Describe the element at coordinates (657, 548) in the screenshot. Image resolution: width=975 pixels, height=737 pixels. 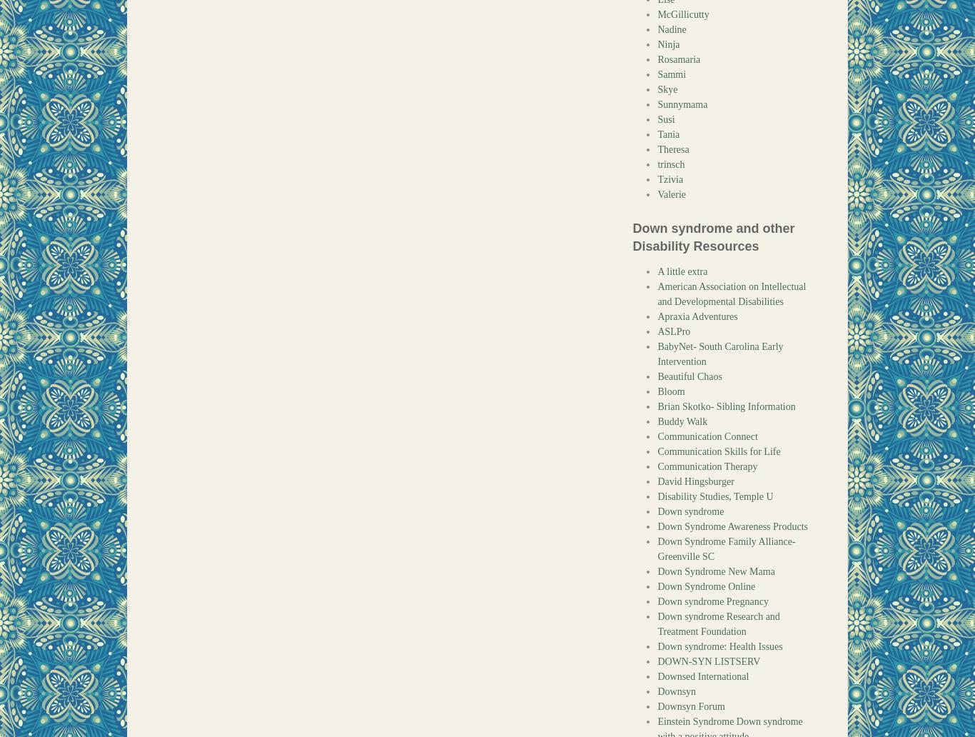
I see `'Down Syndrome Family Alliance- Greenville SC'` at that location.